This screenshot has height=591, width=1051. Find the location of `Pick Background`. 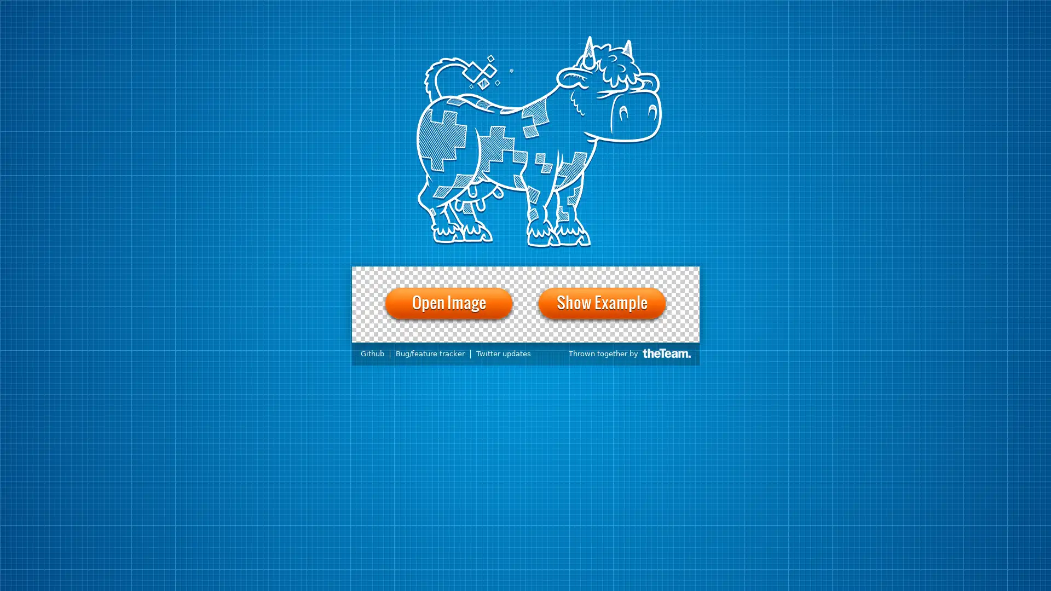

Pick Background is located at coordinates (519, 273).